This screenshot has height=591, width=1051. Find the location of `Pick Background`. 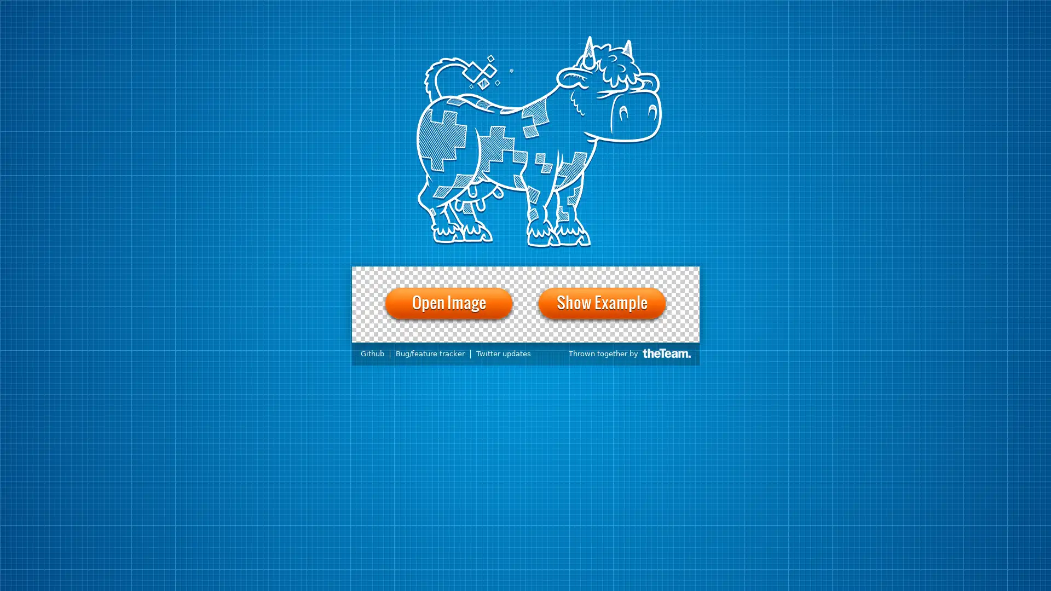

Pick Background is located at coordinates (519, 273).